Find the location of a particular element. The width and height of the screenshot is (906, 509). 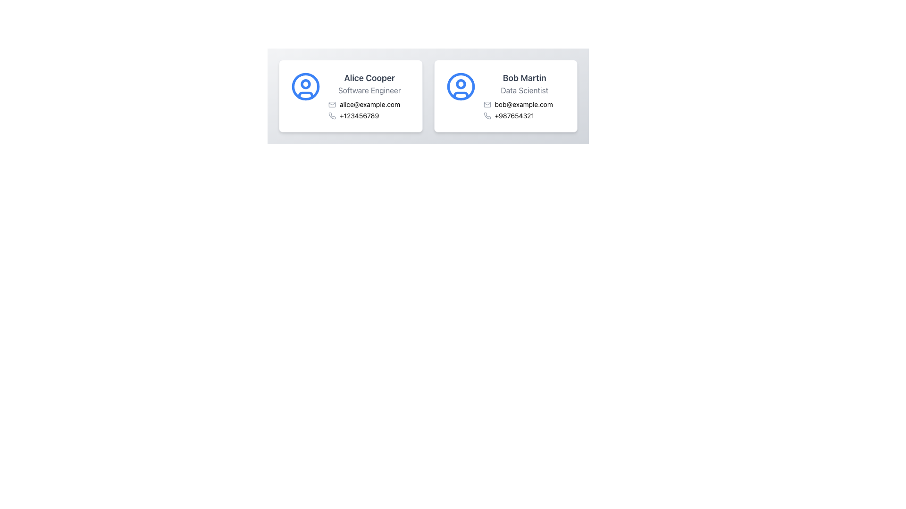

the circular user icon with a blue stroke located in the avatar section of Bob Martin's card, positioned at the top-center of the rightmost card in a two-card layout is located at coordinates (461, 87).